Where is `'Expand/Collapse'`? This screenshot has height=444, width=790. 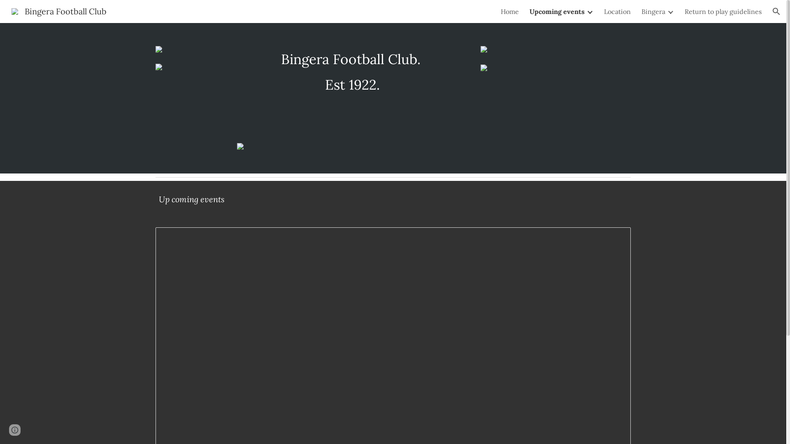
'Expand/Collapse' is located at coordinates (589, 11).